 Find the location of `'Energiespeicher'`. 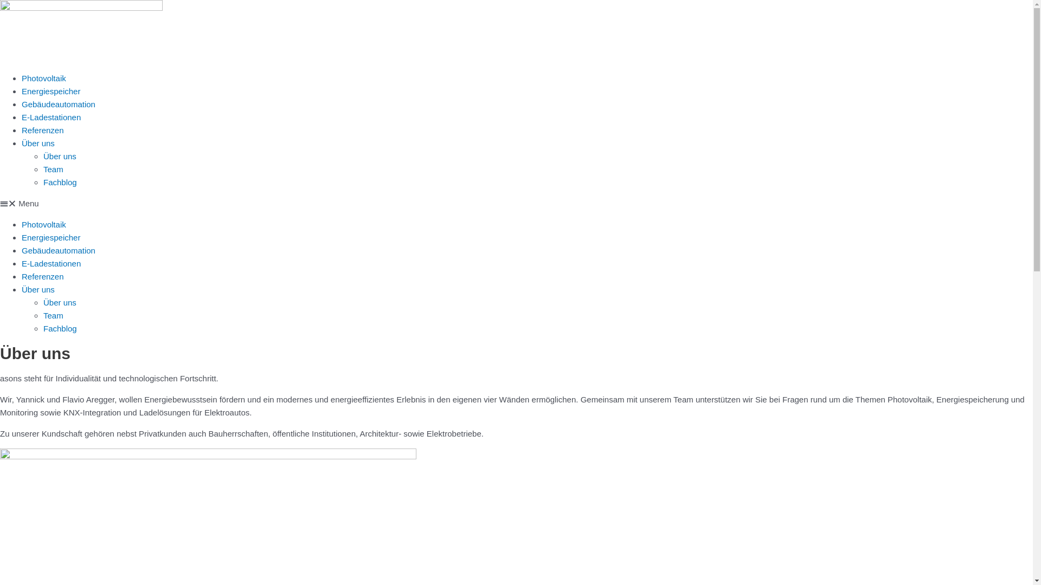

'Energiespeicher' is located at coordinates (50, 90).